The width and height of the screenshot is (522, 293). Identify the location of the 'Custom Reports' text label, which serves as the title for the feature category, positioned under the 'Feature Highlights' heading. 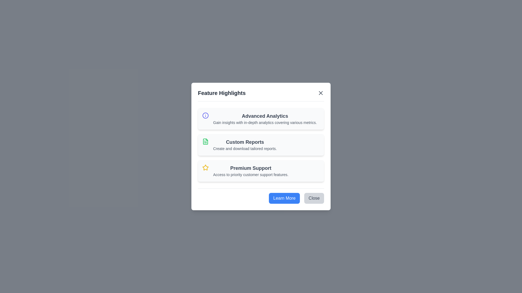
(245, 142).